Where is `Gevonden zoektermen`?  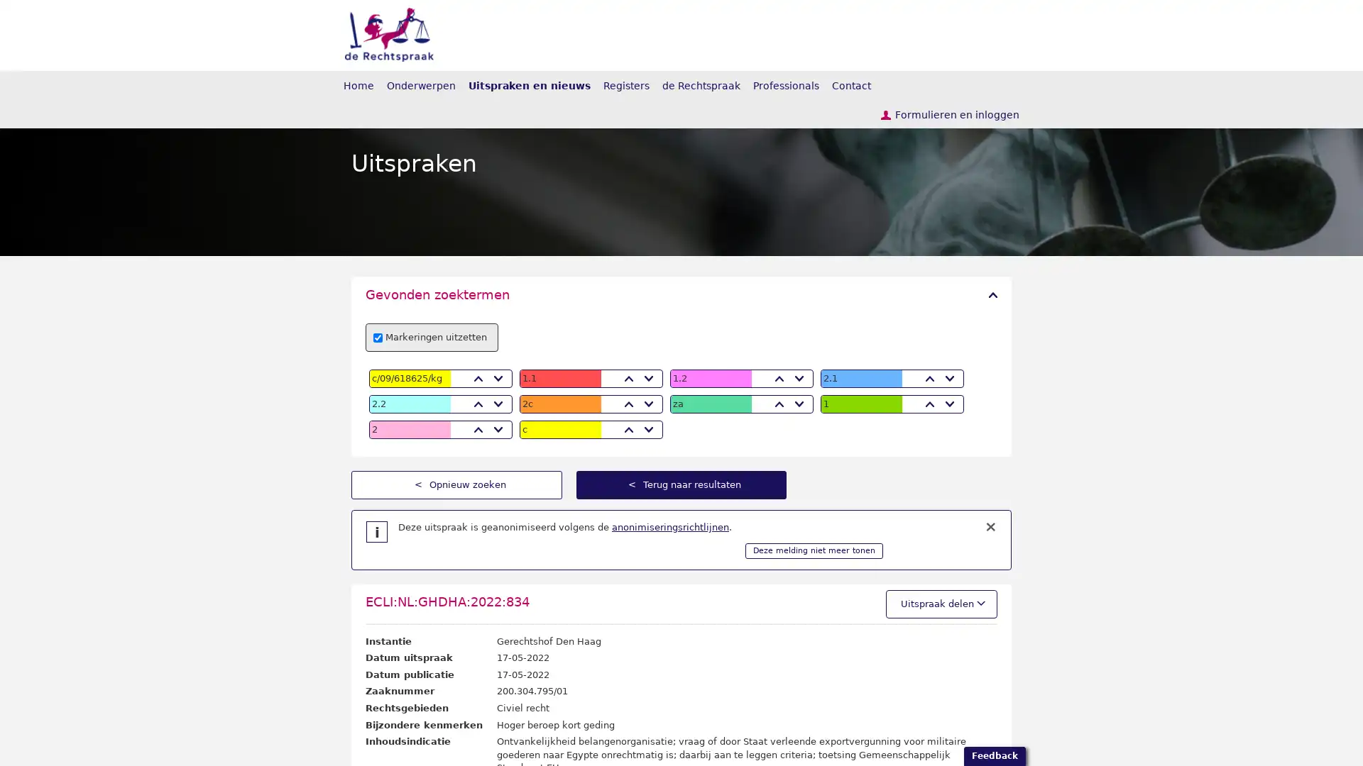
Gevonden zoektermen is located at coordinates (681, 294).